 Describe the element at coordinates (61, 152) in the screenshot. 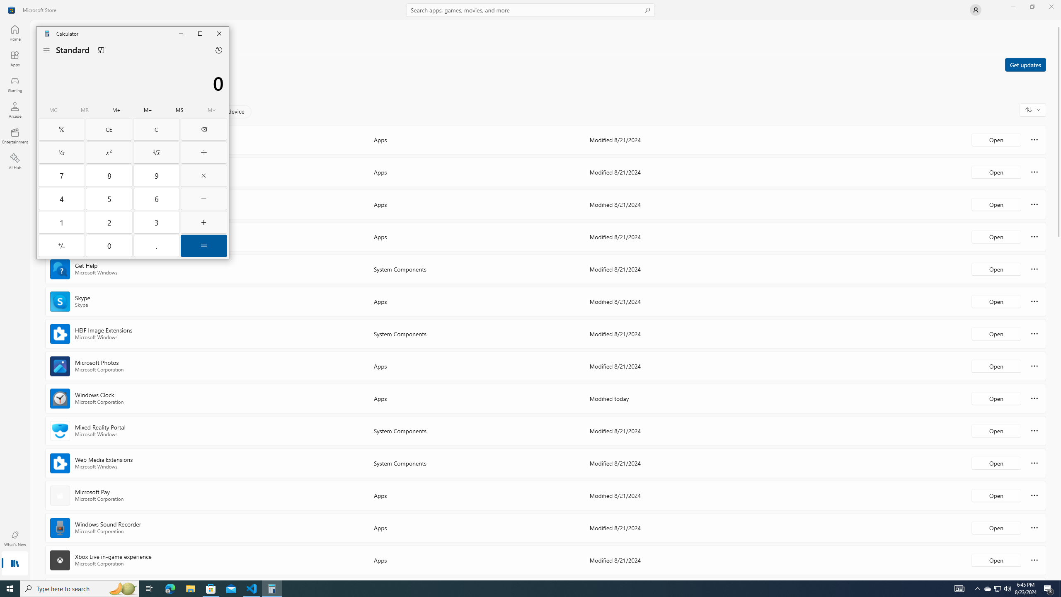

I see `'Reciprocal'` at that location.